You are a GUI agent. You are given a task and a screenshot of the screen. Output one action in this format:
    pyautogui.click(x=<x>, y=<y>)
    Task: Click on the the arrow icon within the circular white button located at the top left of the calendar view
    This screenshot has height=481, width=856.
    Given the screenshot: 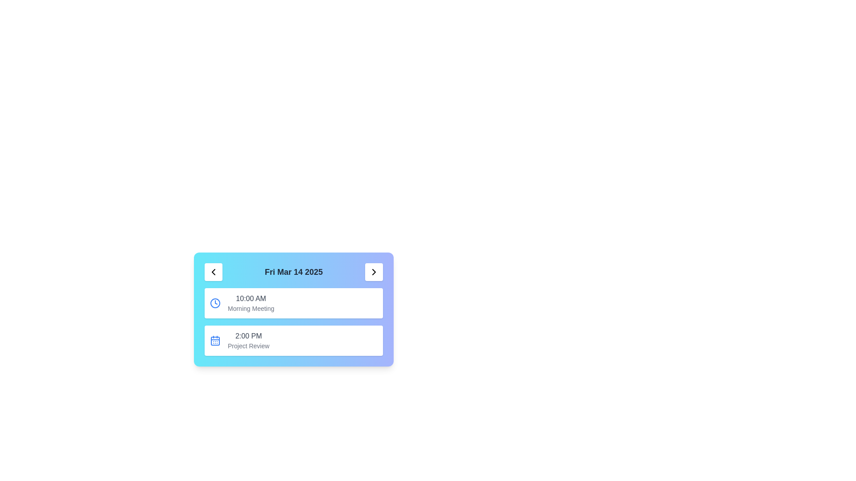 What is the action you would take?
    pyautogui.click(x=213, y=271)
    